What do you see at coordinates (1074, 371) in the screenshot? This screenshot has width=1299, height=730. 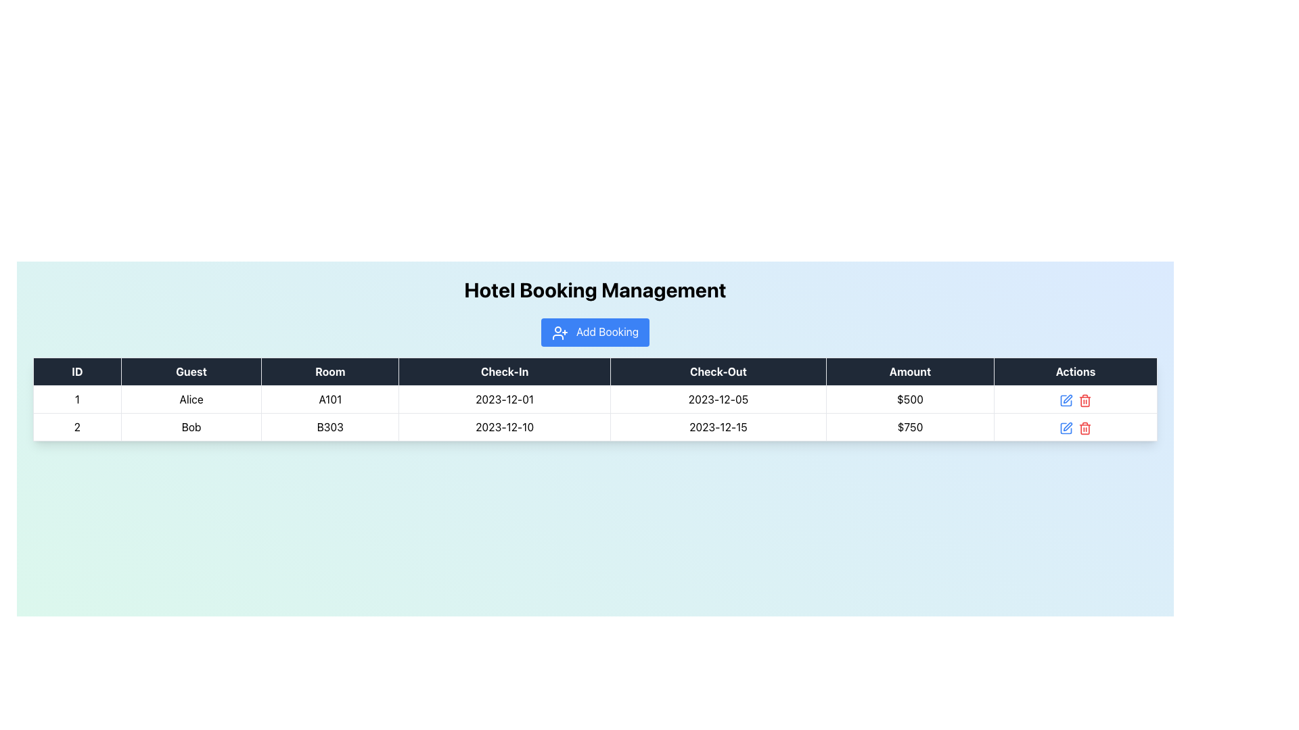 I see `the 'Actions' text label in the last column of the table header, which is displayed in white font on a dark background, indicating functionality related to actions in the dataset` at bounding box center [1074, 371].